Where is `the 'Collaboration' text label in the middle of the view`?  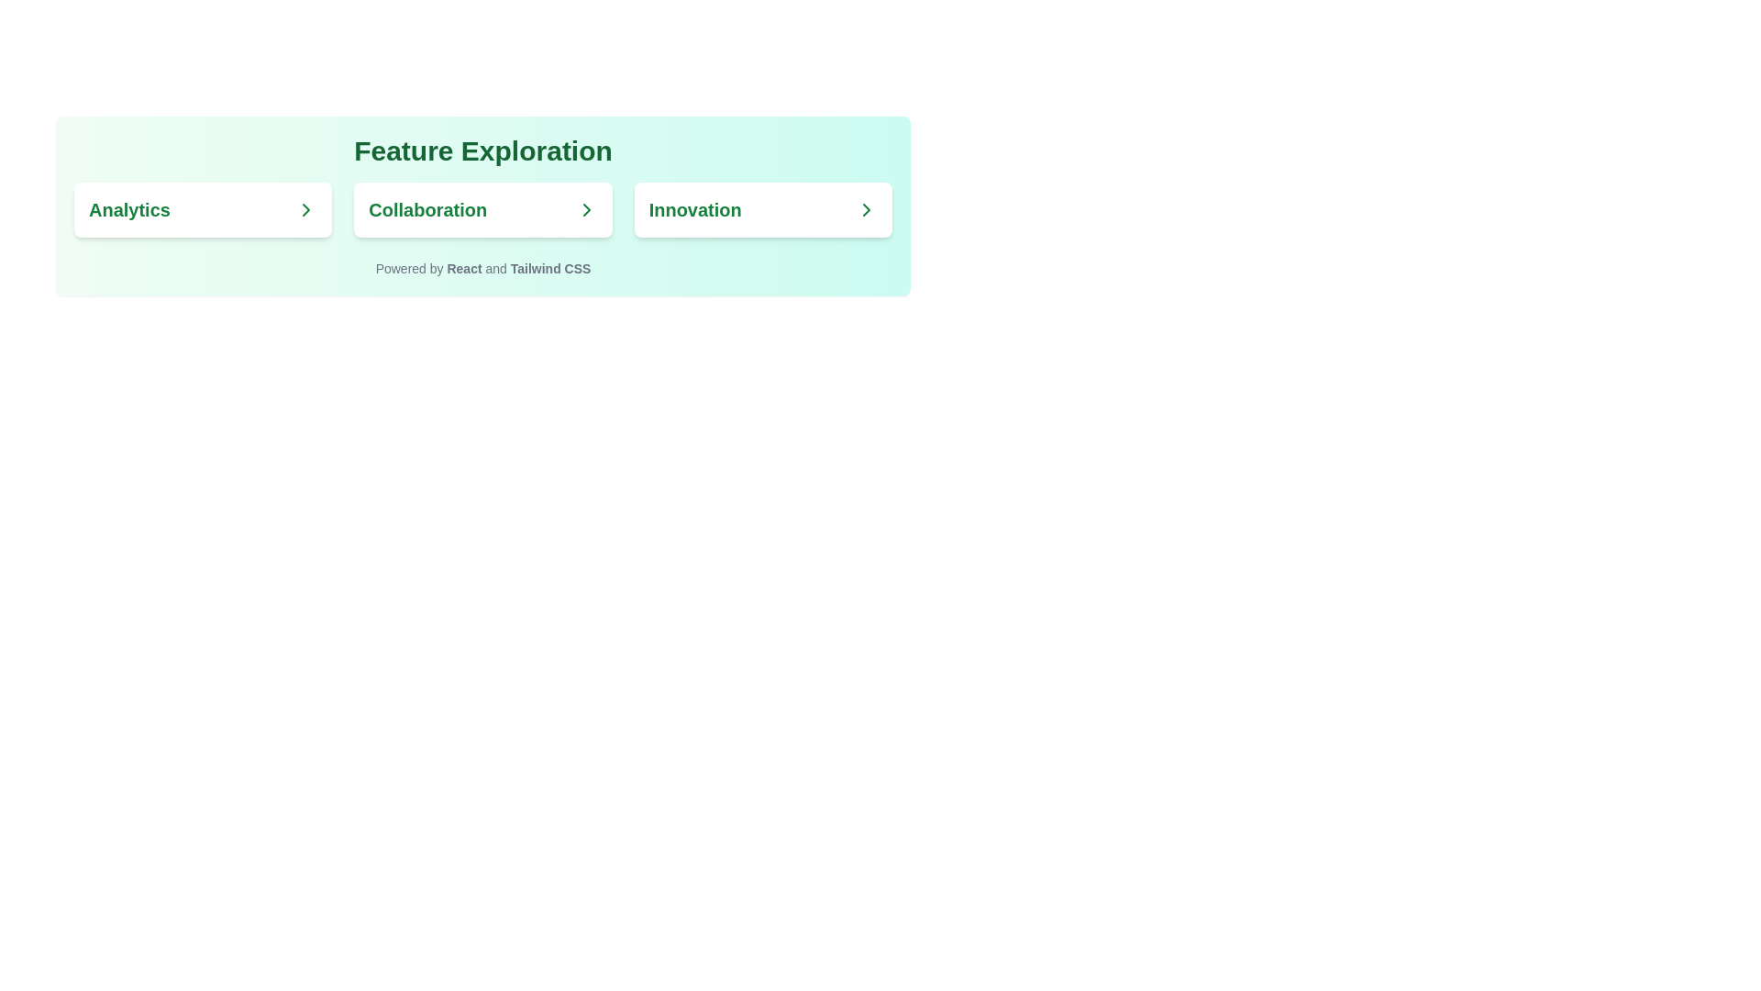
the 'Collaboration' text label in the middle of the view is located at coordinates (483, 208).